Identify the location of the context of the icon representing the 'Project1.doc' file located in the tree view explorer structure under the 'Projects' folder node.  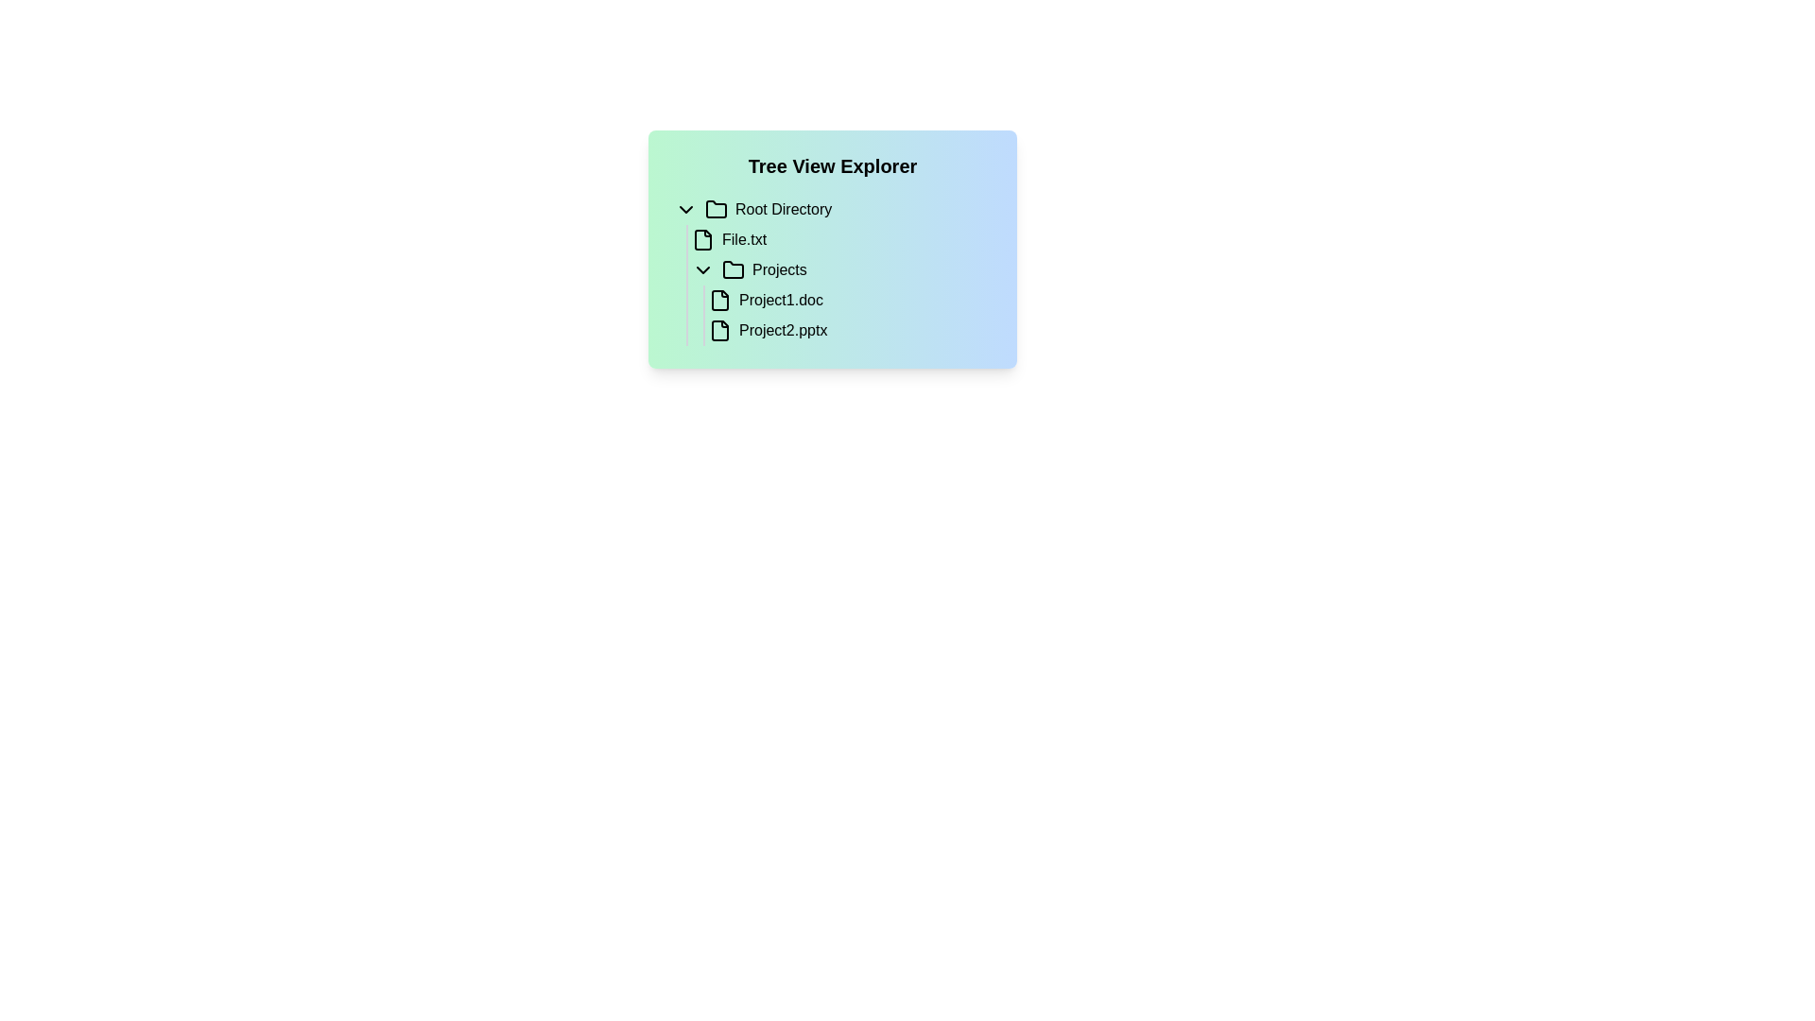
(719, 299).